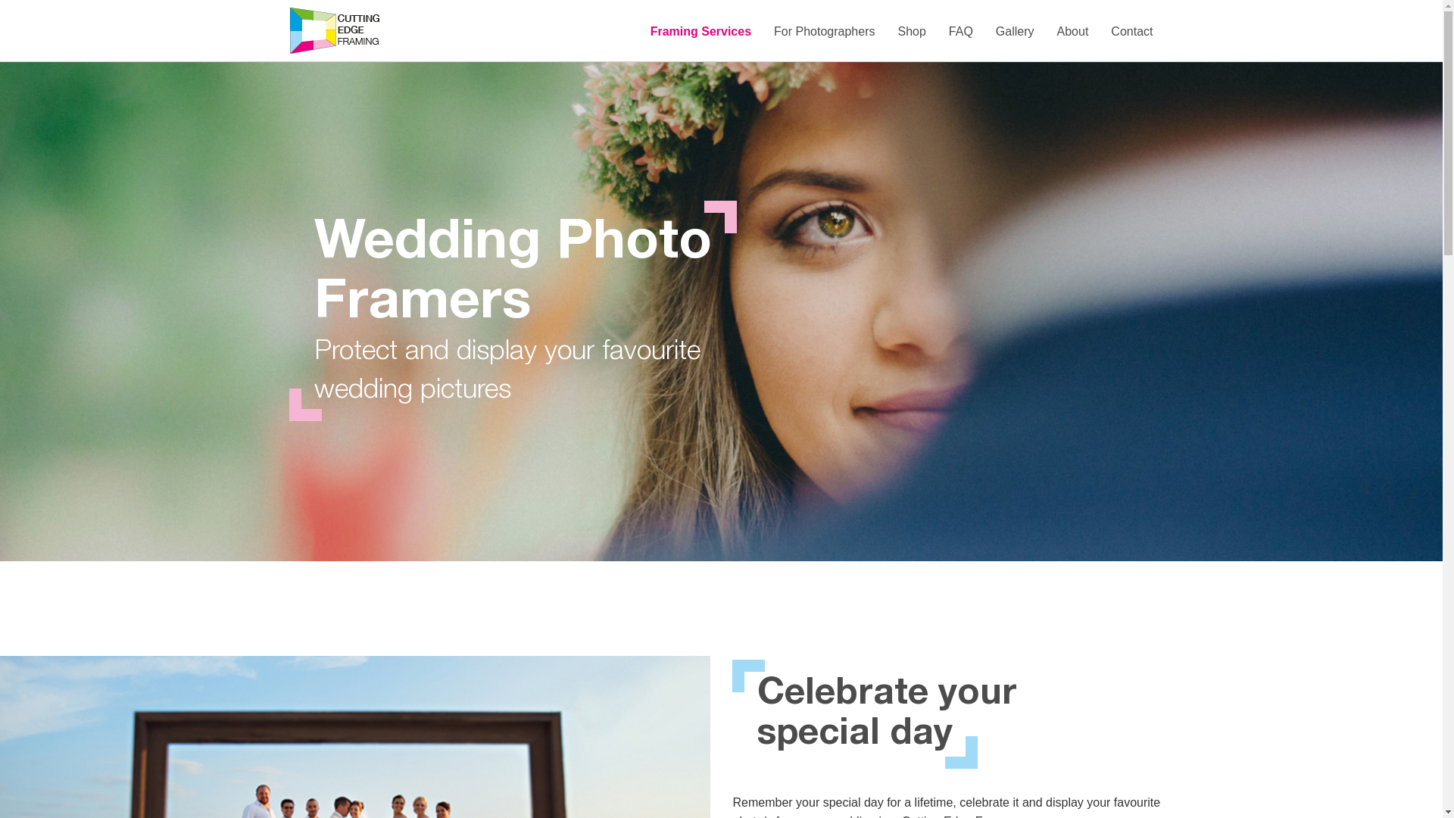 The image size is (1454, 818). Describe the element at coordinates (1072, 32) in the screenshot. I see `'About'` at that location.